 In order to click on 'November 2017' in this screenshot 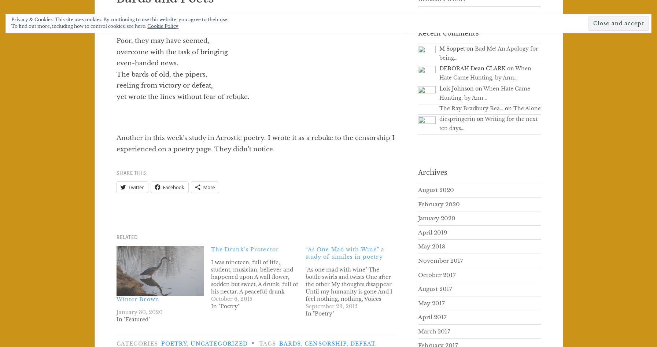, I will do `click(440, 260)`.